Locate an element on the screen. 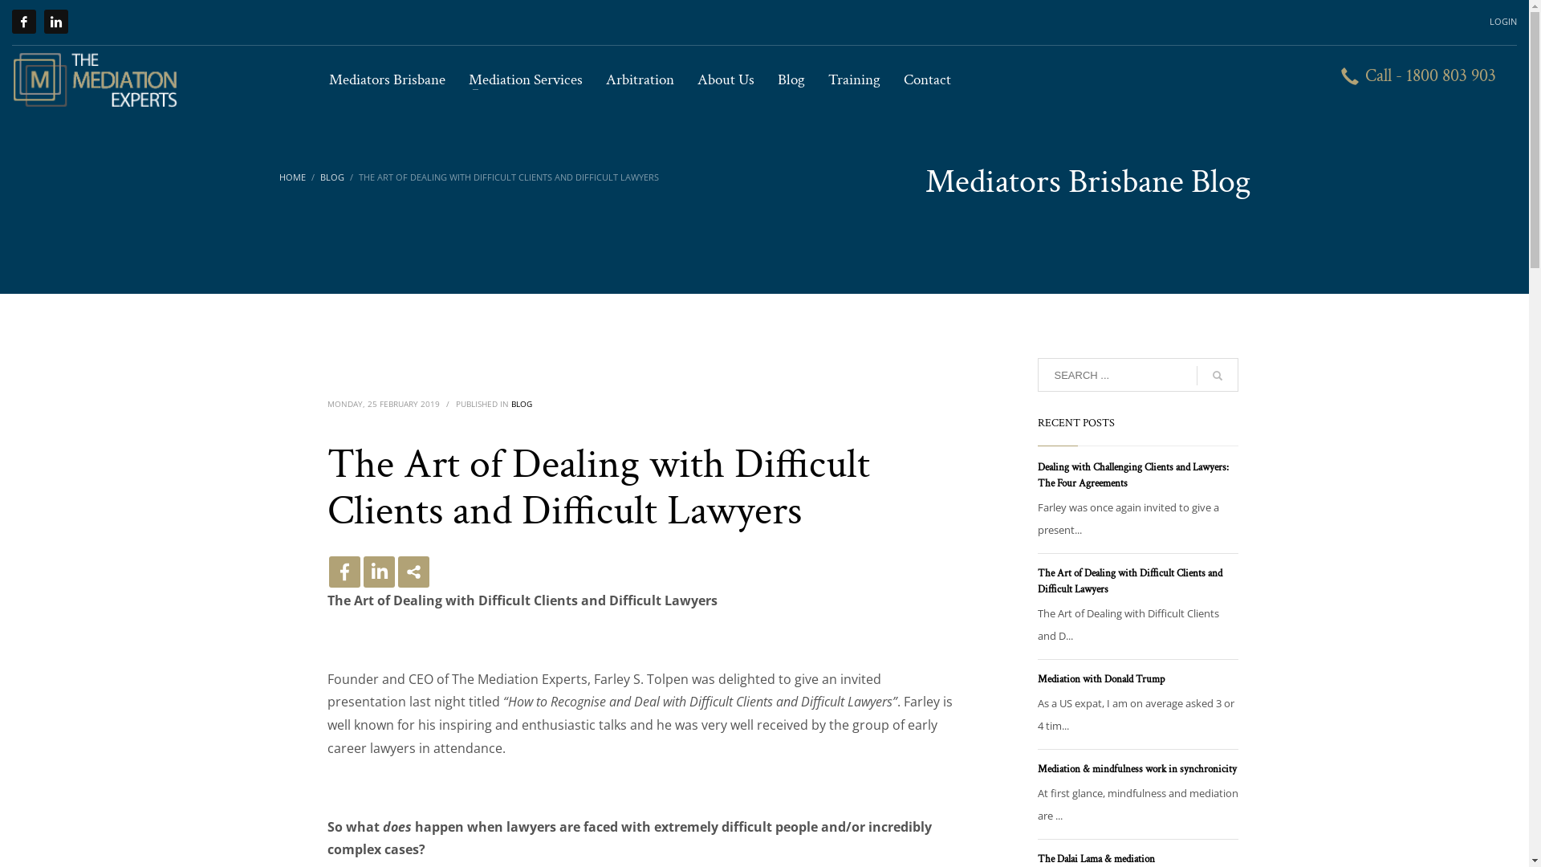 The height and width of the screenshot is (867, 1541). 'HOME' is located at coordinates (292, 177).